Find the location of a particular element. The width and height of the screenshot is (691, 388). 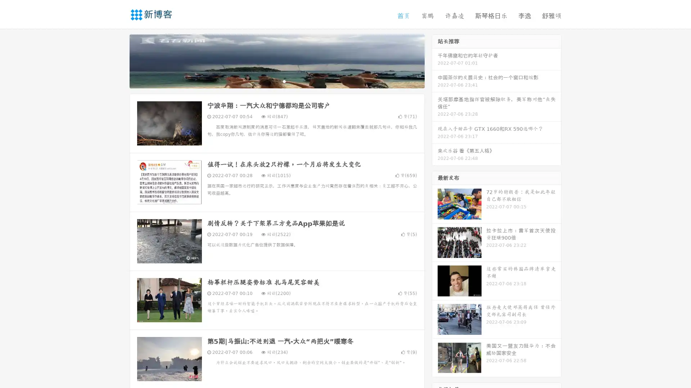

Previous slide is located at coordinates (119, 60).